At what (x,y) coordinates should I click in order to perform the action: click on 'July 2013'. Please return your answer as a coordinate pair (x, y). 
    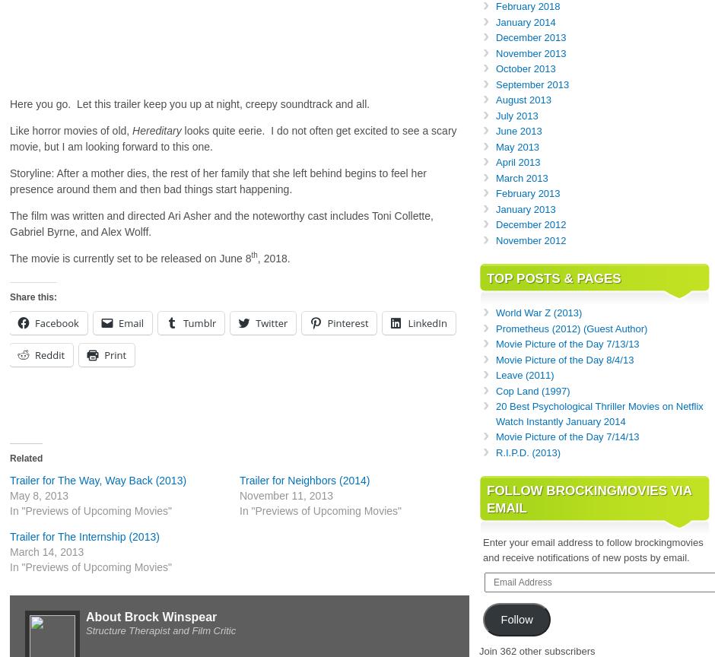
    Looking at the image, I should click on (516, 114).